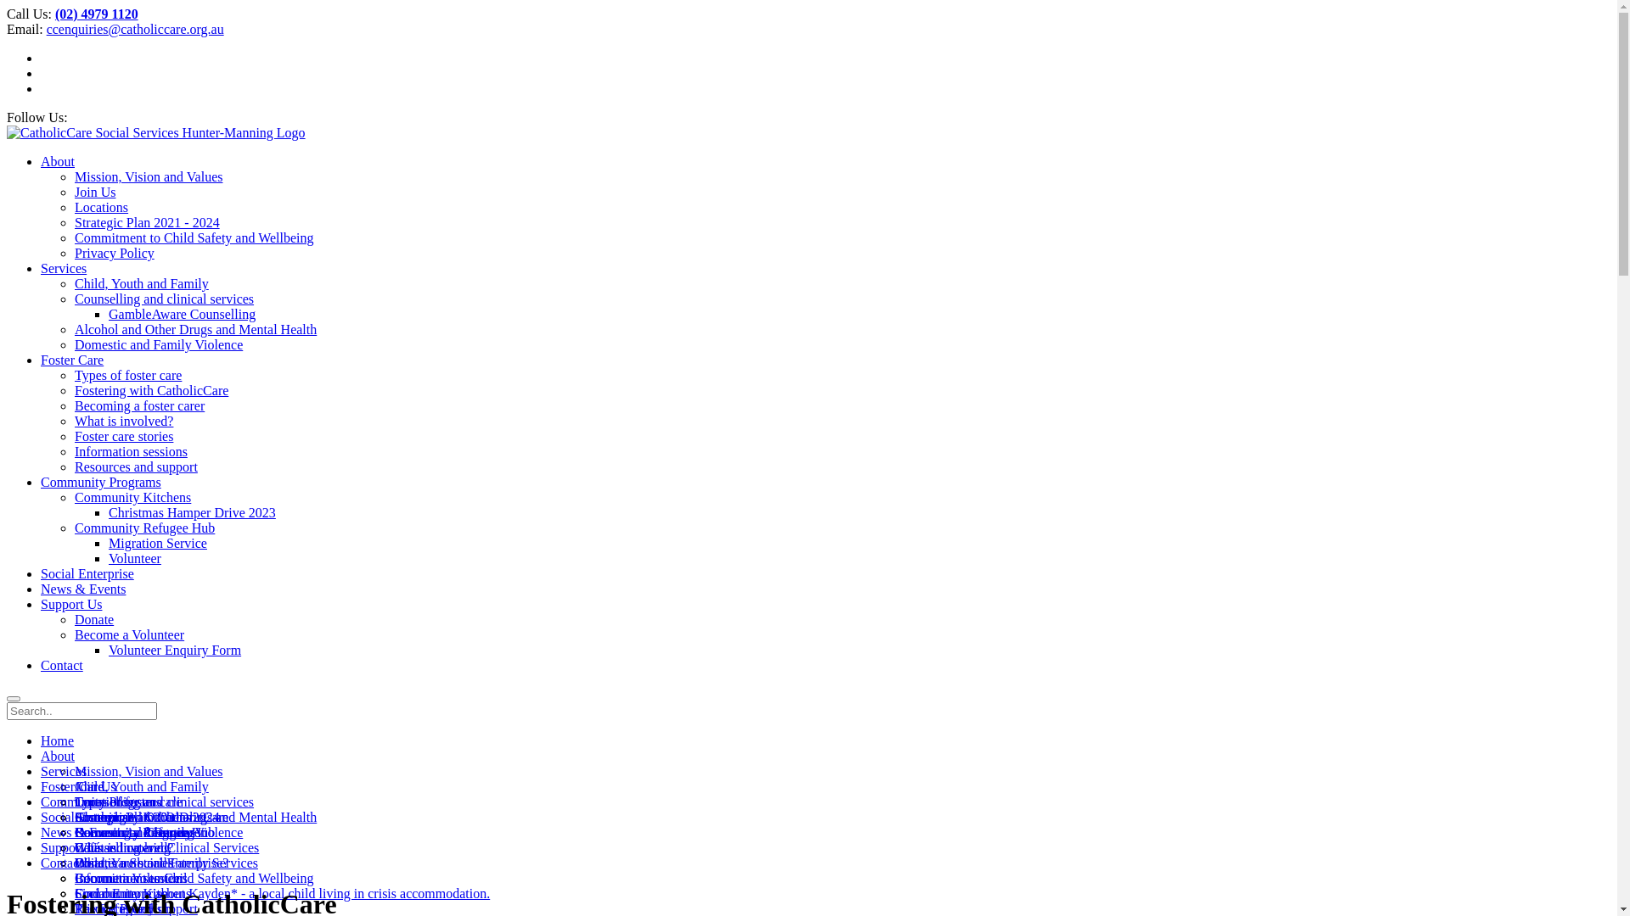 The image size is (1630, 916). What do you see at coordinates (73, 878) in the screenshot?
I see `'Commitment to Child Safety and Wellbeing'` at bounding box center [73, 878].